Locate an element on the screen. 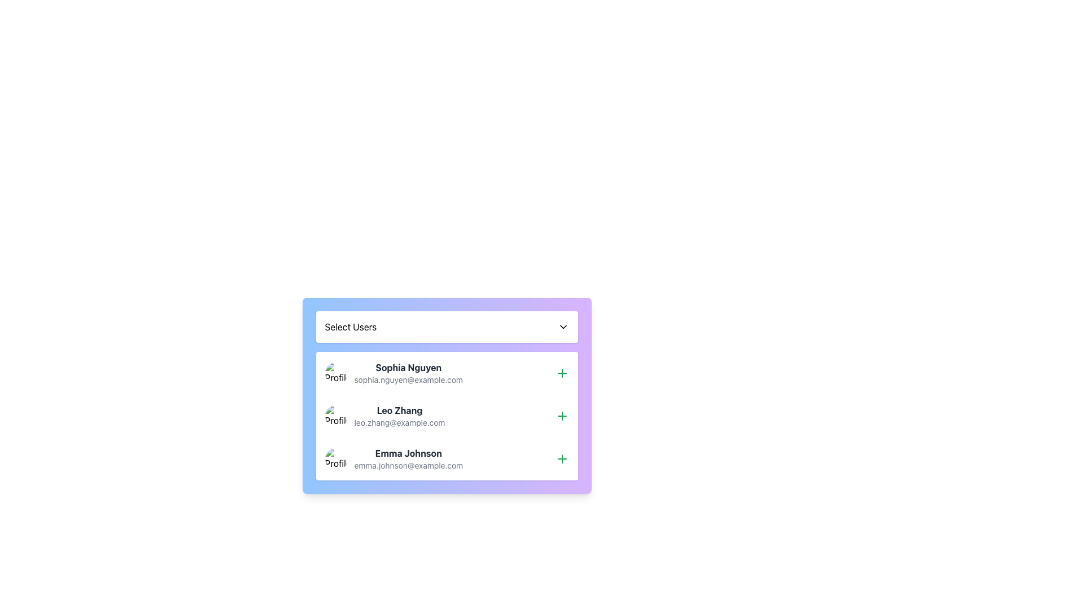  the text block containing the name 'Emma Johnson' and the email 'emma.johnson@example.com', which is the third user entry in the list of selectable users is located at coordinates (408, 458).